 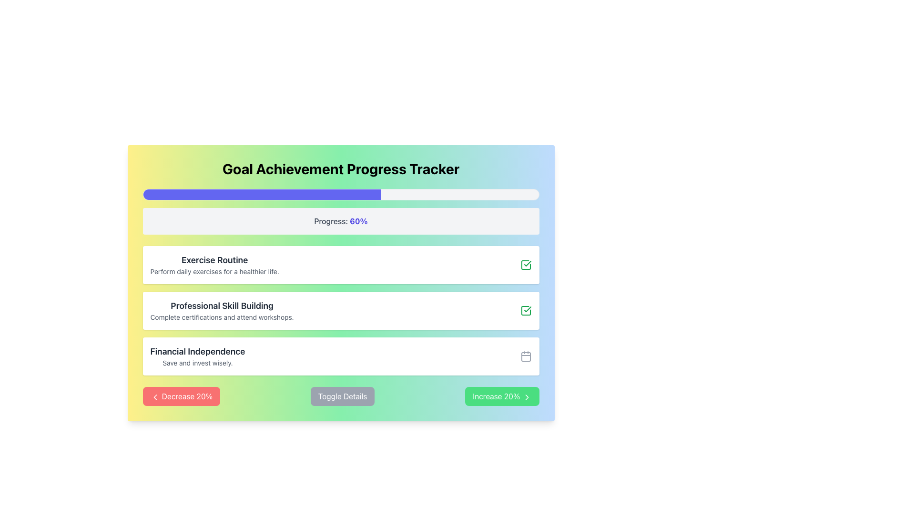 What do you see at coordinates (155, 397) in the screenshot?
I see `the chevron left arrow icon within the red button labeled 'Decrease 20%'` at bounding box center [155, 397].